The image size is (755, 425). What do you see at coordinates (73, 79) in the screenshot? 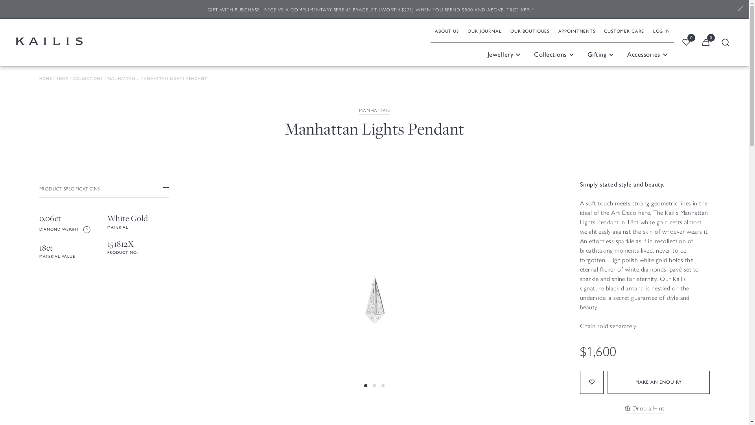
I see `'COLLECTIONS'` at bounding box center [73, 79].